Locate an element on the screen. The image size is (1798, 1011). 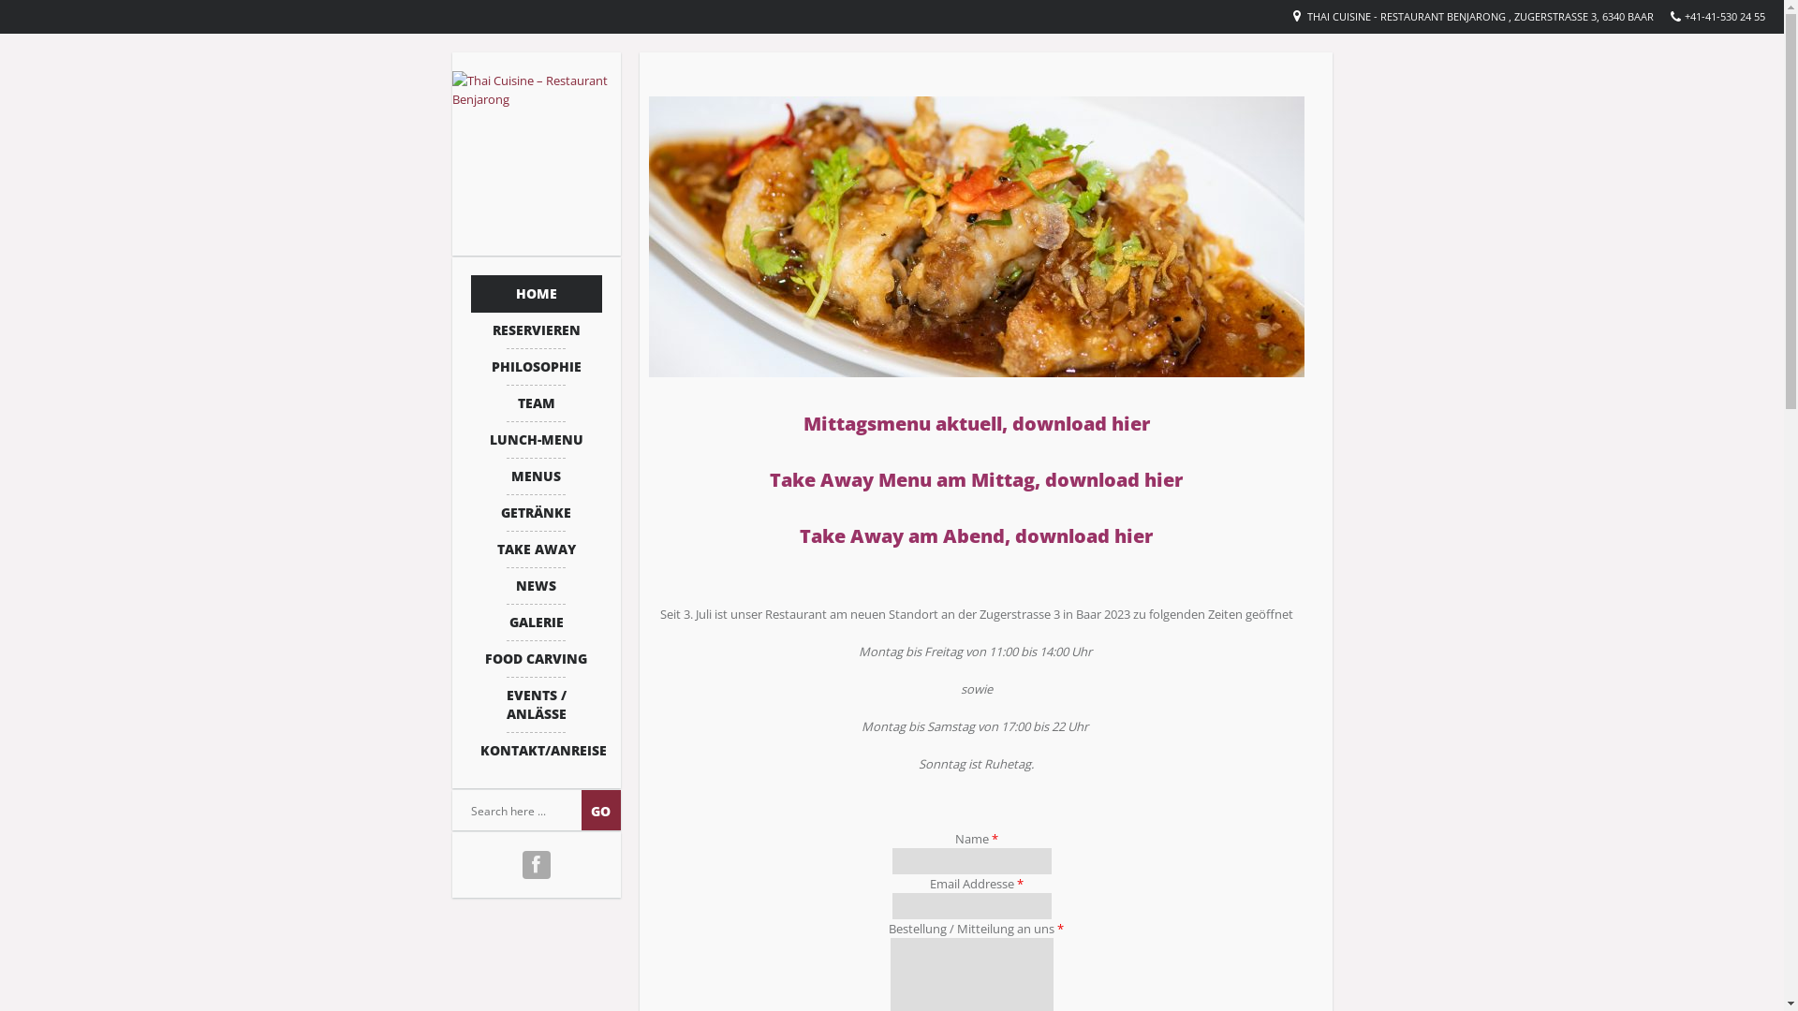
'Take Away am Abend, download hier' is located at coordinates (975, 535).